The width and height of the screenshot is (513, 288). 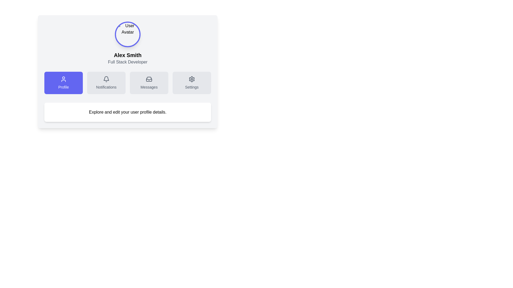 I want to click on the notifications button, which is the second item in a grid of four elements, to change its background color, so click(x=106, y=83).